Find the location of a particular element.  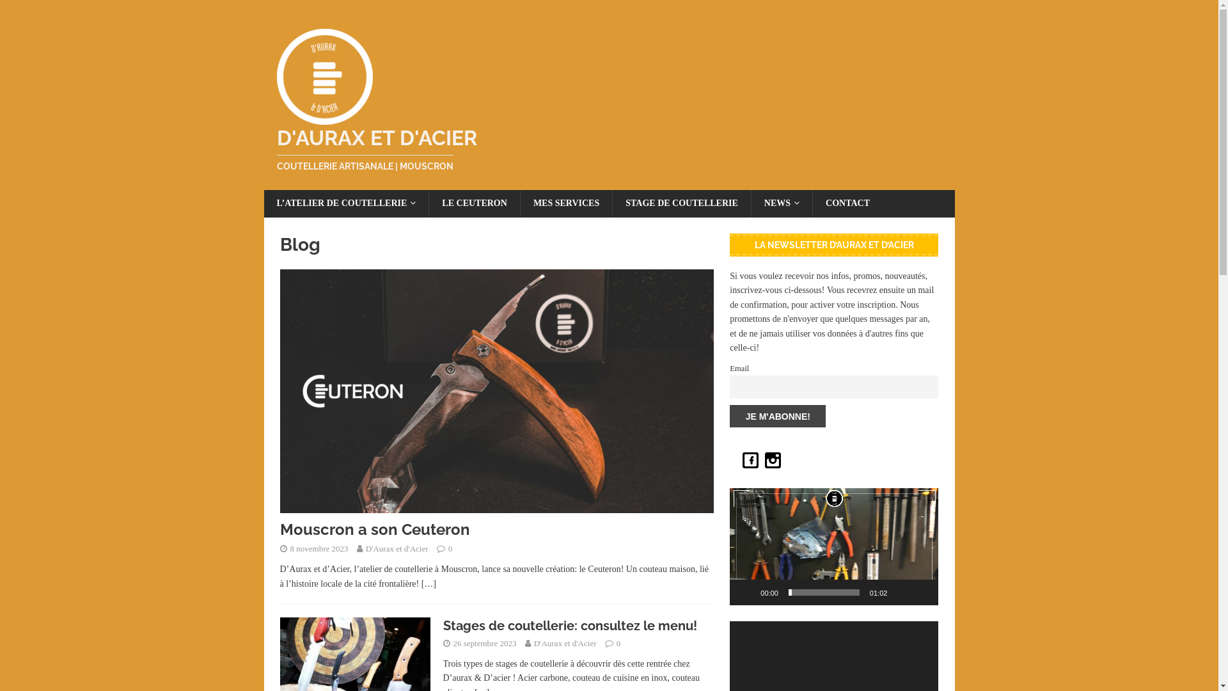

'CONTACT' is located at coordinates (847, 202).